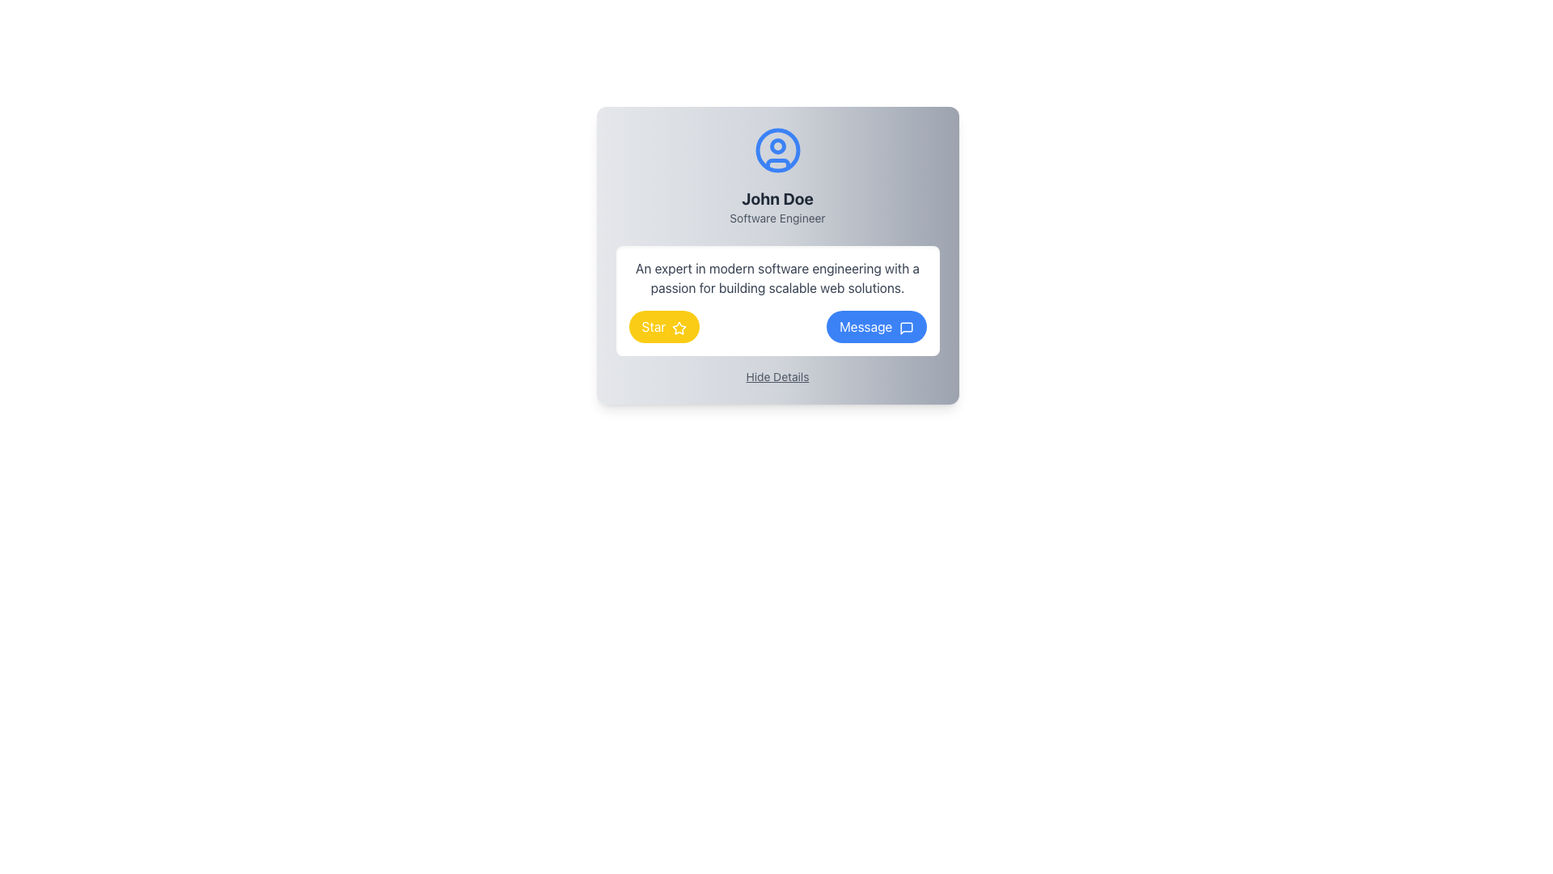  I want to click on the 'Star' button with rounded corners and a yellow background that contains the text 'Star' and a star icon, to change its background color to a lighter yellow, so click(664, 327).